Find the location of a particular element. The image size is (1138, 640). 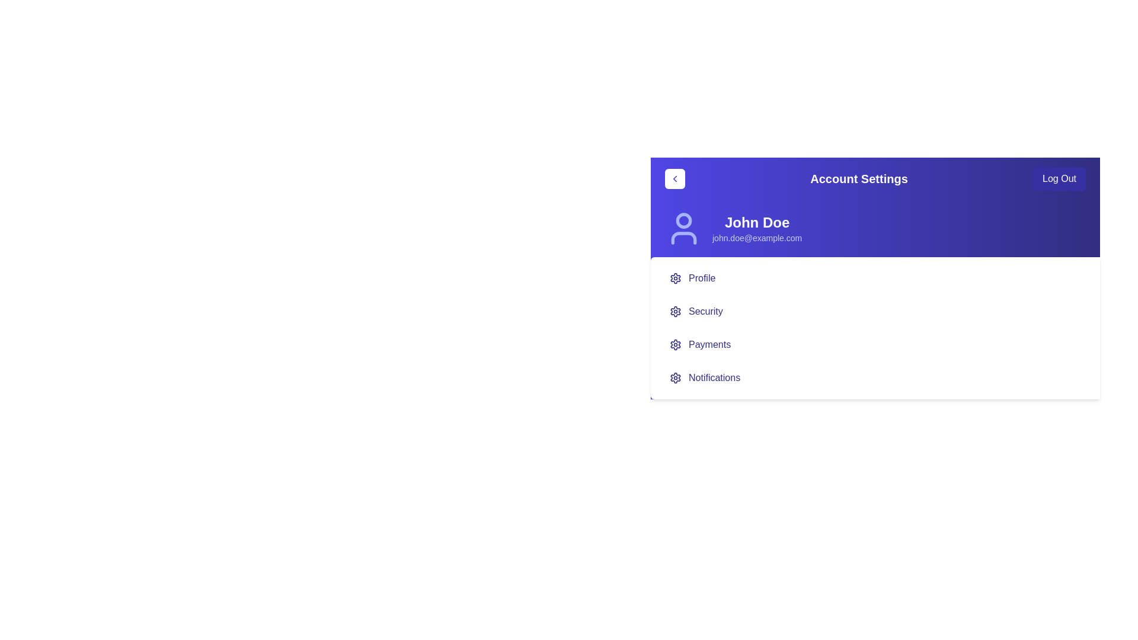

the gear-shaped icon associated with the 'Security' label in the vertical navigation list is located at coordinates (676, 311).